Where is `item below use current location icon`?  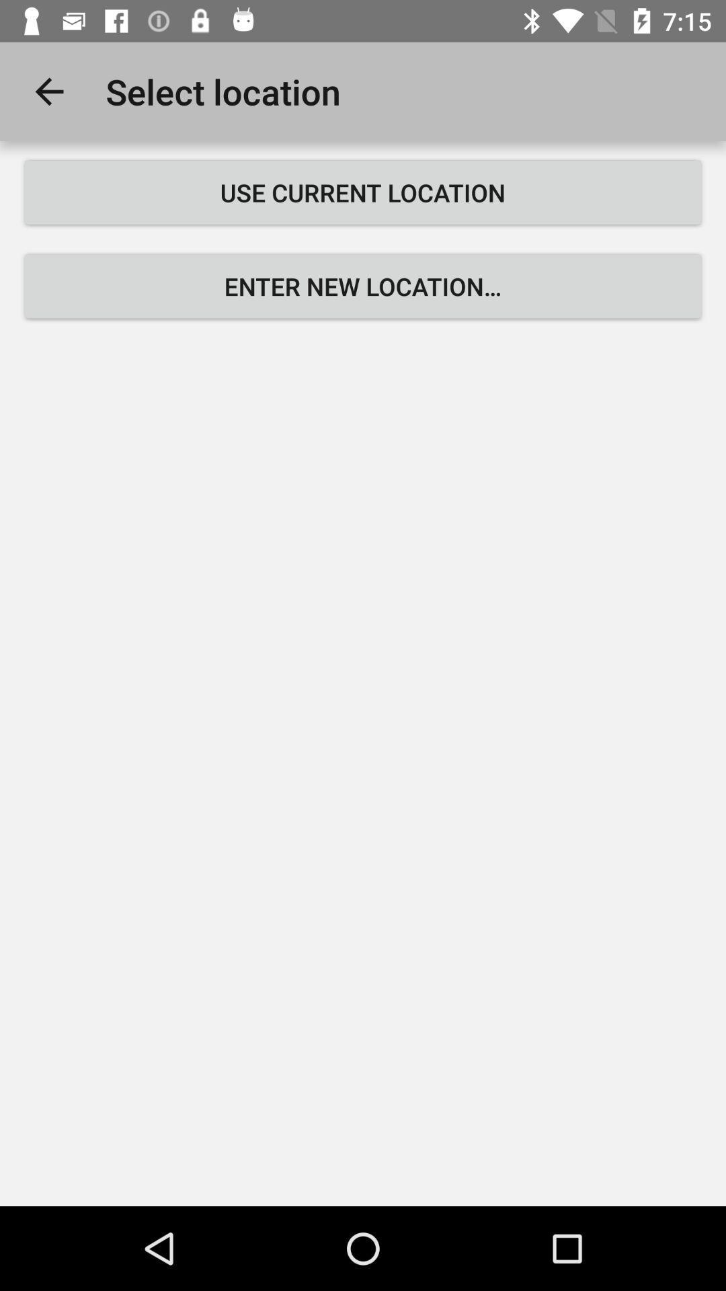
item below use current location icon is located at coordinates (363, 286).